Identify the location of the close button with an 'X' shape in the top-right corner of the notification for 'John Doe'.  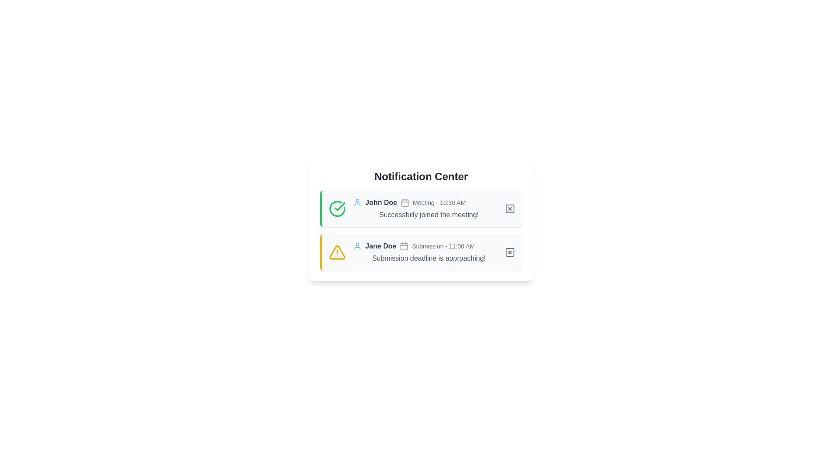
(510, 208).